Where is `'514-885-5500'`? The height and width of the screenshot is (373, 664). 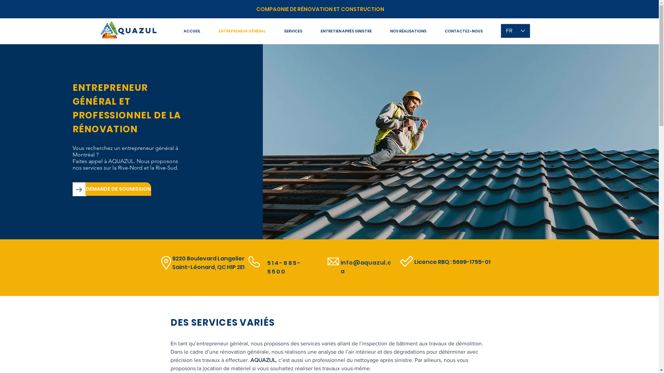
'514-885-5500' is located at coordinates (284, 267).